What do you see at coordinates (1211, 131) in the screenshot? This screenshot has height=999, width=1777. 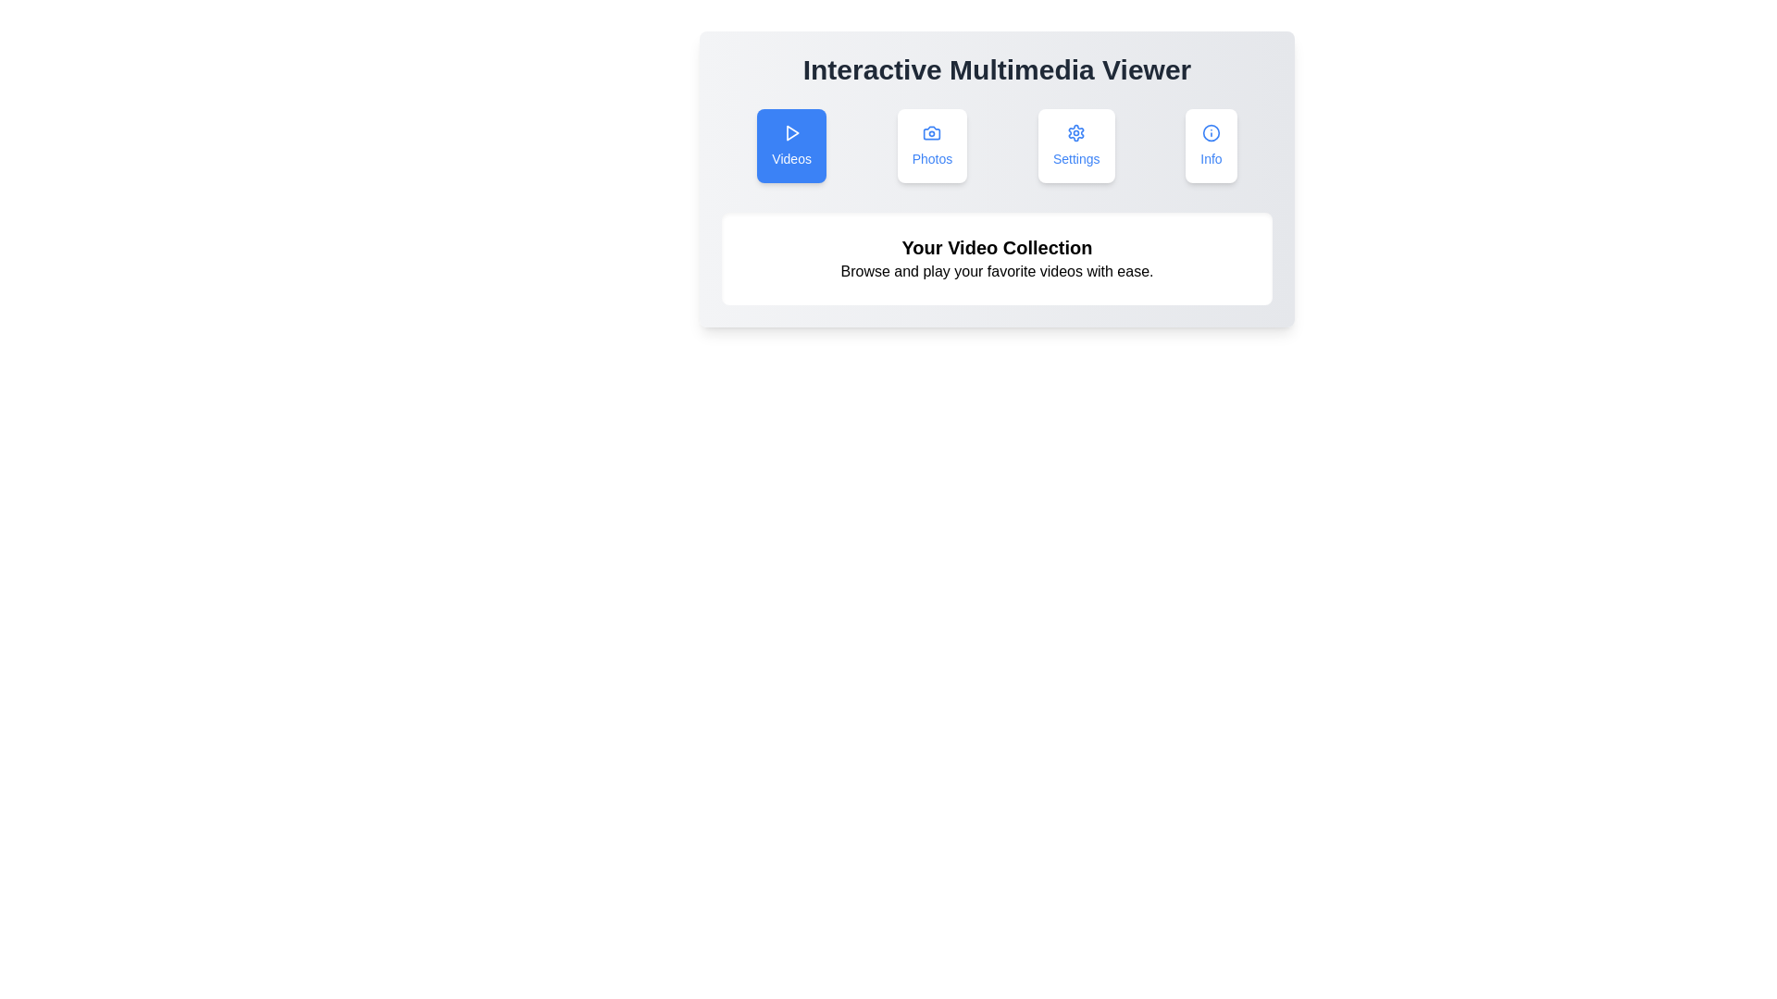 I see `the circular blue icon with an 'i' symbol inside, located in the top-right corner of the 'Info' box, which is the fourth icon in the navigation grid of the 'Interactive Multimedia Viewer.'` at bounding box center [1211, 131].